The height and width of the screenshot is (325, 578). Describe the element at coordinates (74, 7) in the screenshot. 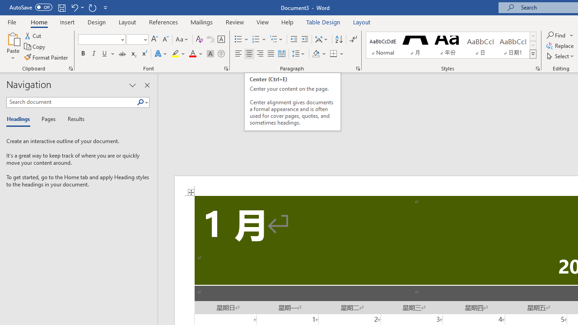

I see `'Undo Apply Quick Style'` at that location.